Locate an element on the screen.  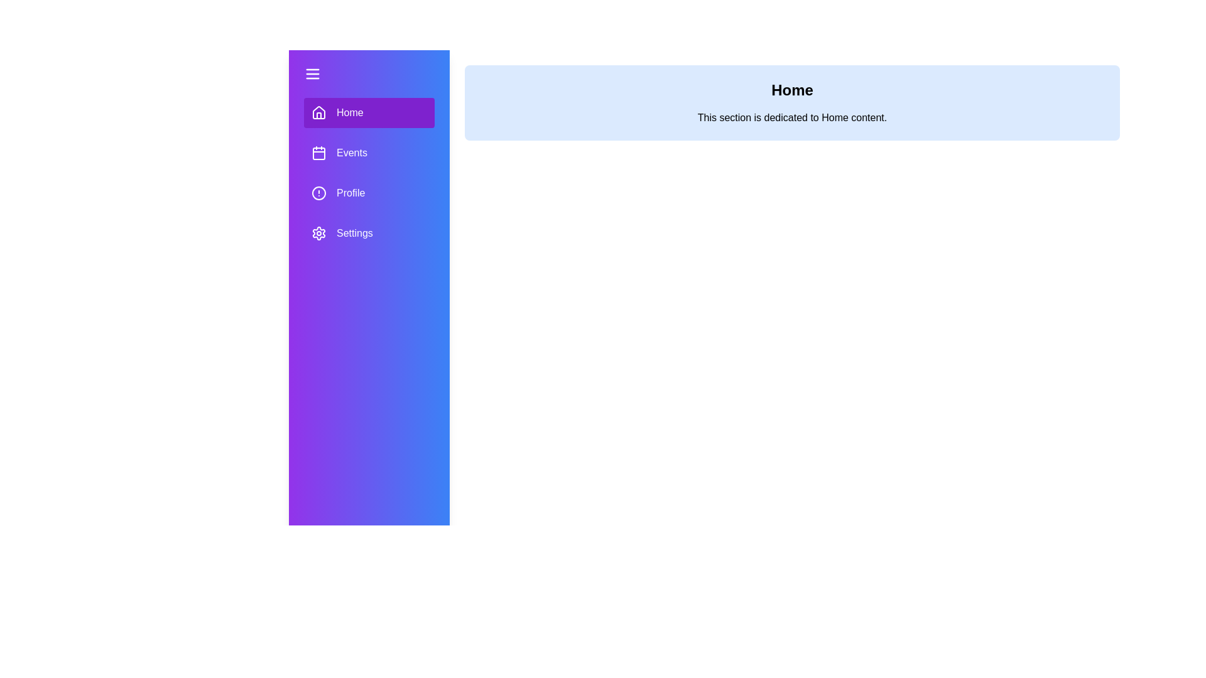
the bold 'Home' text label located at the top center of the light blue section, which is above the description text 'This section is dedicated to Home content.' is located at coordinates (791, 89).